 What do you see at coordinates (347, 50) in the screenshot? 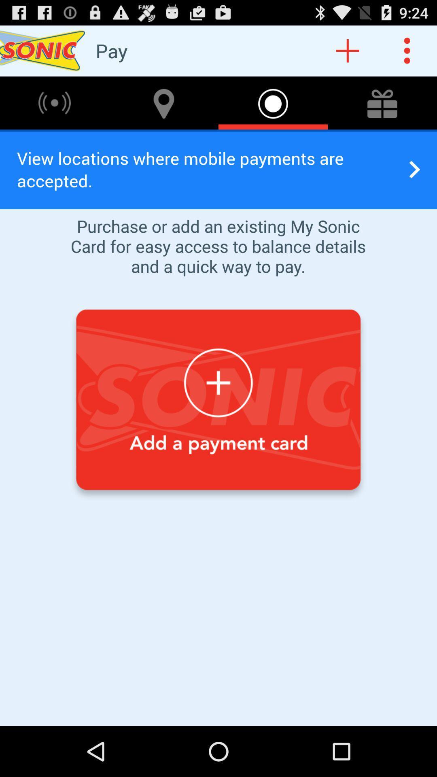
I see `the add icon on the top right of the page` at bounding box center [347, 50].